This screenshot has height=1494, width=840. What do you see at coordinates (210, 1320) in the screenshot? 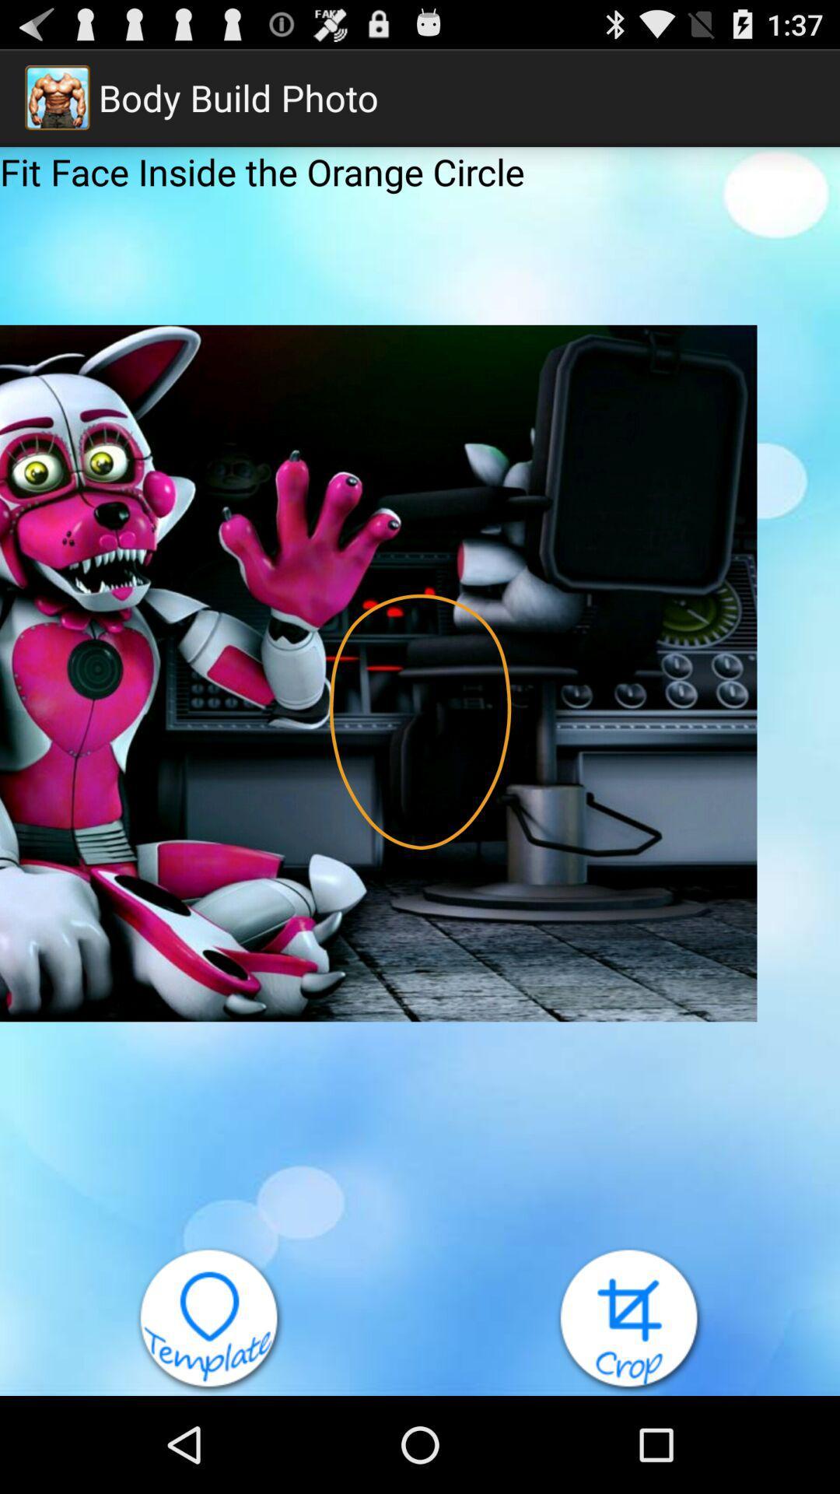
I see `open template` at bounding box center [210, 1320].